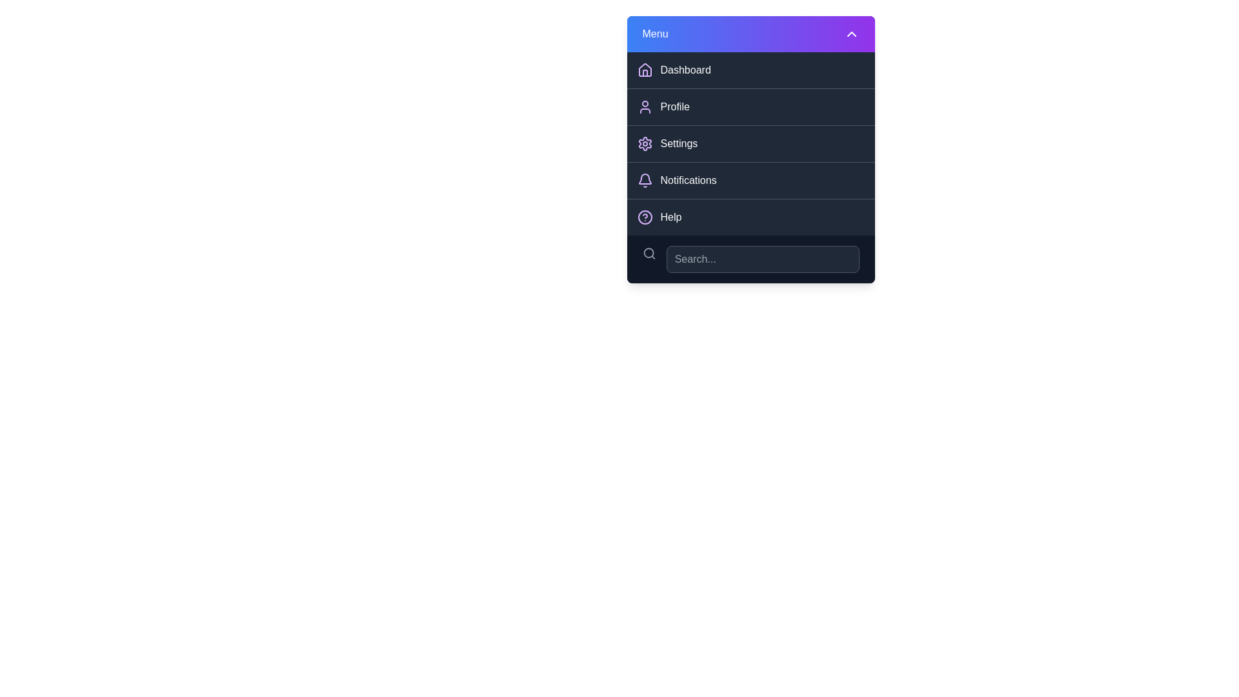  What do you see at coordinates (645, 216) in the screenshot?
I see `the 'Help' icon located in the fifth row of the menu list` at bounding box center [645, 216].